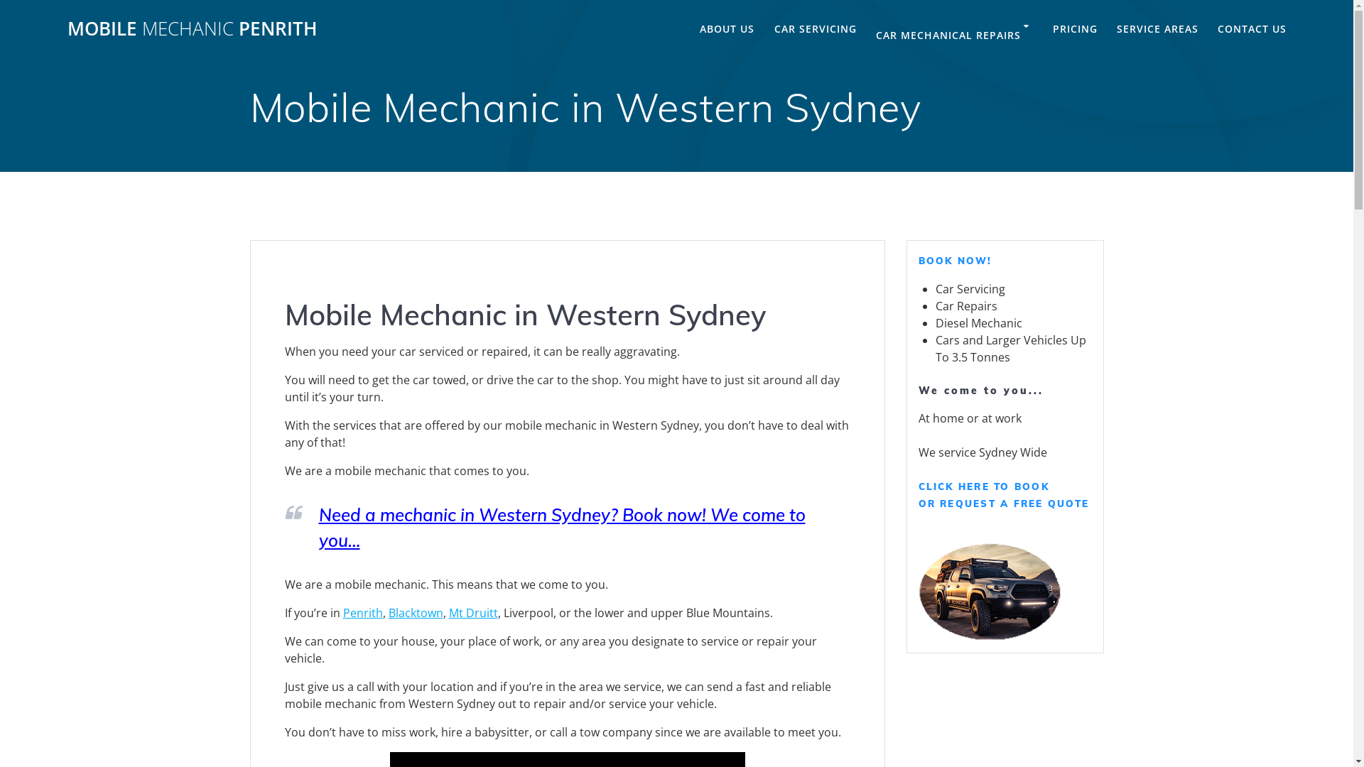 The width and height of the screenshot is (1364, 767). Describe the element at coordinates (1157, 29) in the screenshot. I see `'SERVICE AREAS'` at that location.